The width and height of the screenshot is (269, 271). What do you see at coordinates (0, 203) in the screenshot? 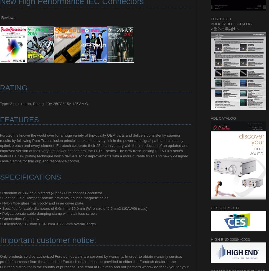
I see `'• Nylon /fiberglass main body and inner cover plate.'` at bounding box center [0, 203].